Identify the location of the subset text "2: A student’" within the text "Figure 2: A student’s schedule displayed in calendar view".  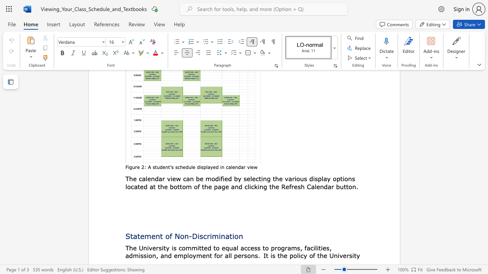
(141, 167).